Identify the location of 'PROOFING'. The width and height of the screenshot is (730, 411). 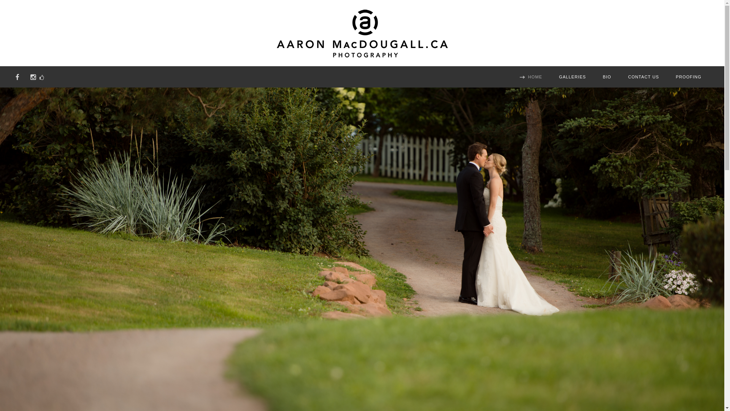
(689, 78).